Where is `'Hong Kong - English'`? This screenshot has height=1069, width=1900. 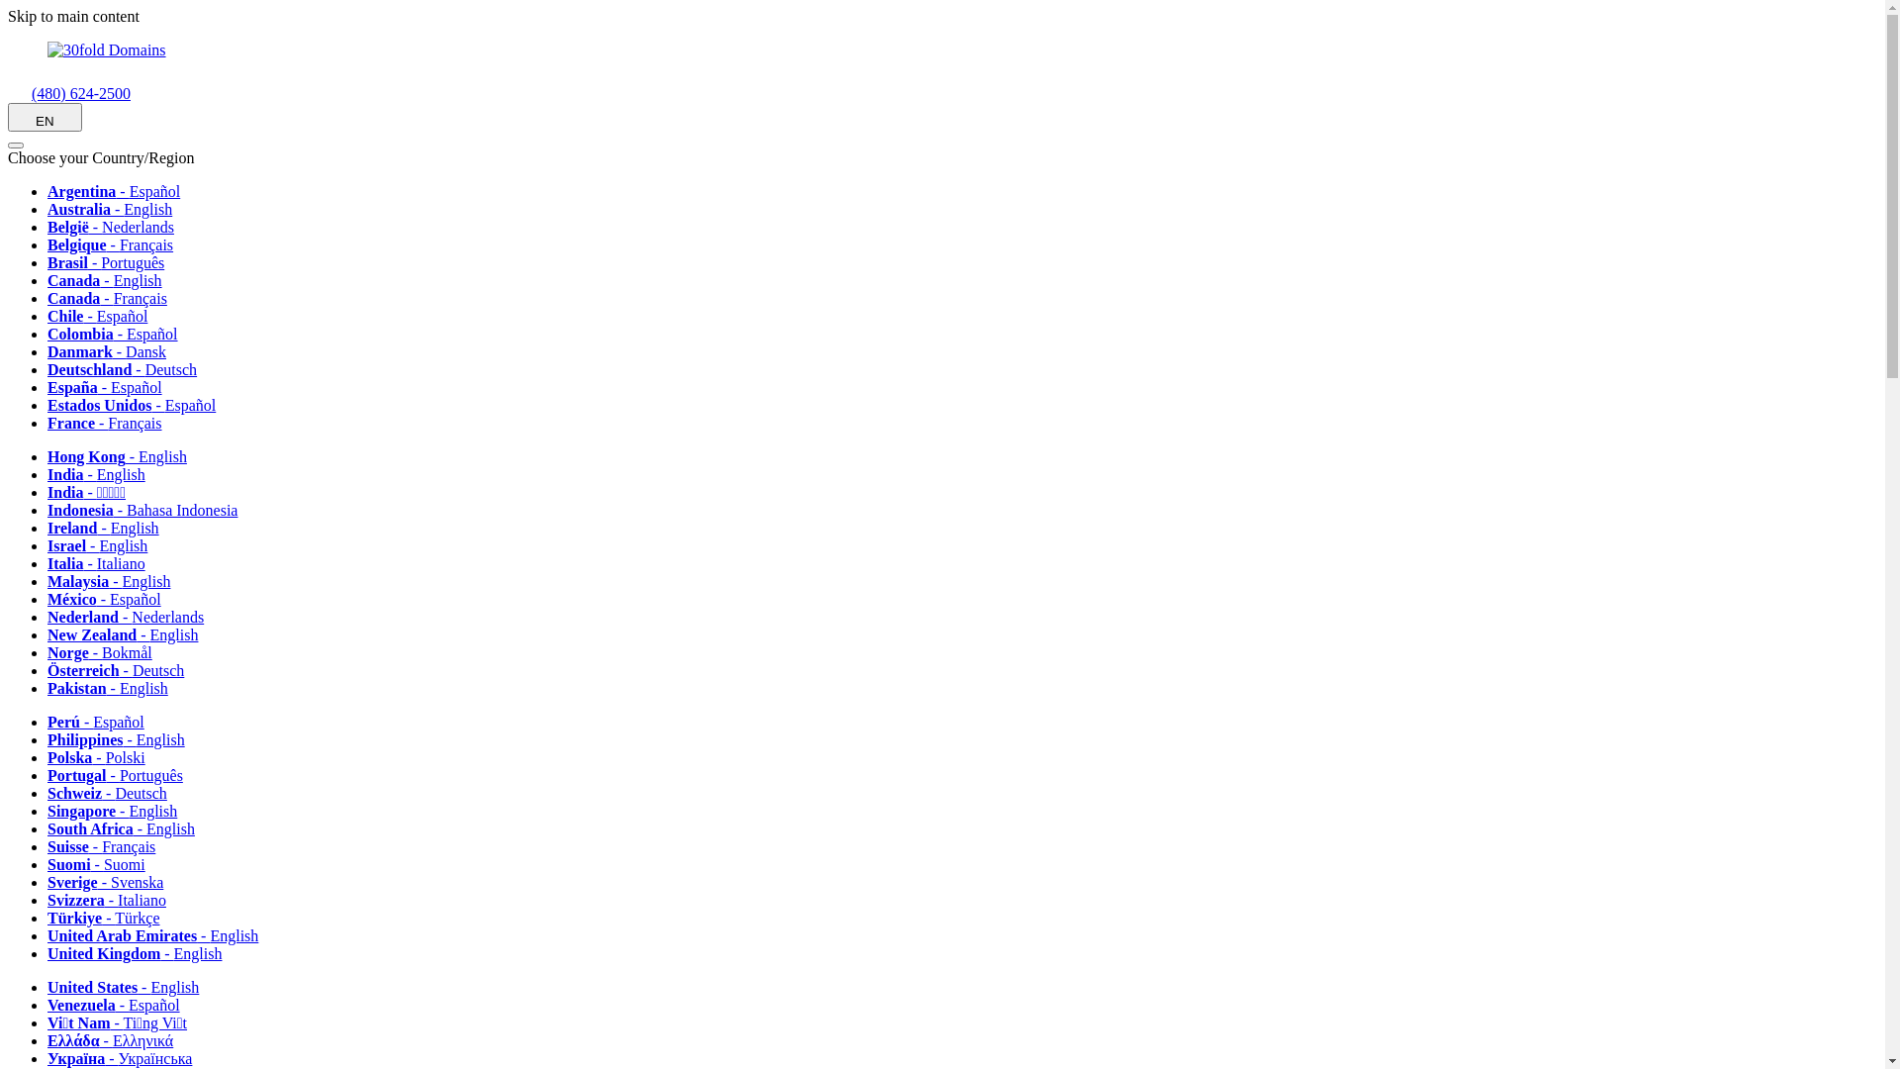
'Hong Kong - English' is located at coordinates (47, 456).